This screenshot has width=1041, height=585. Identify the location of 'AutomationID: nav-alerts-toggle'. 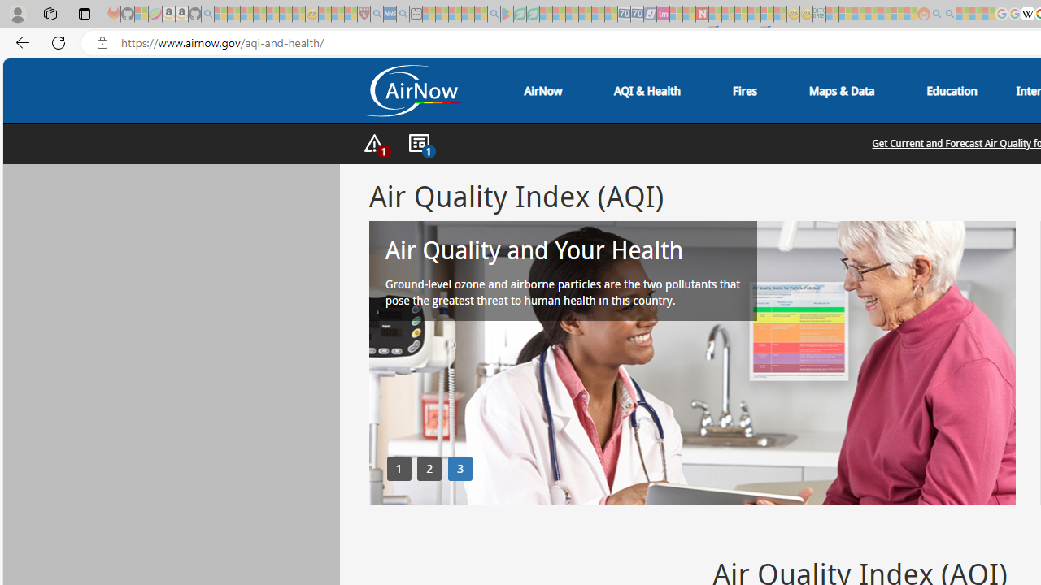
(373, 143).